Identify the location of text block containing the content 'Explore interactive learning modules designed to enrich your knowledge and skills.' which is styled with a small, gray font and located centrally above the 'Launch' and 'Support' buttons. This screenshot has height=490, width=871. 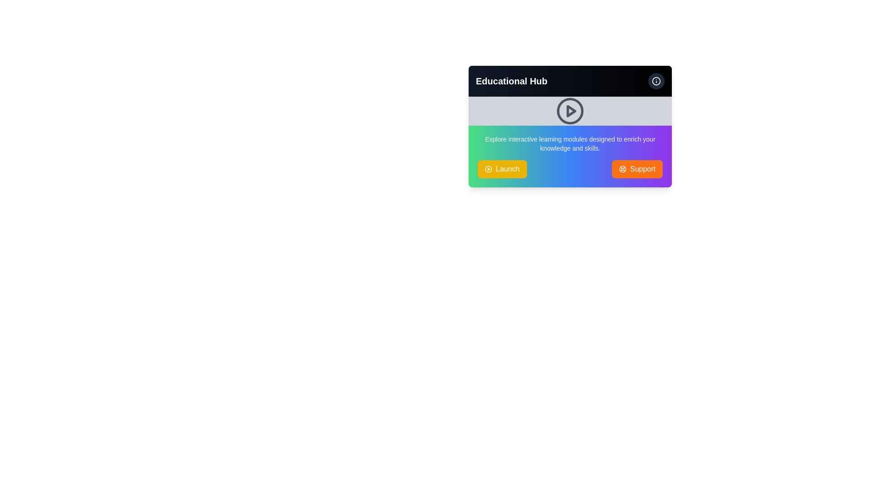
(570, 143).